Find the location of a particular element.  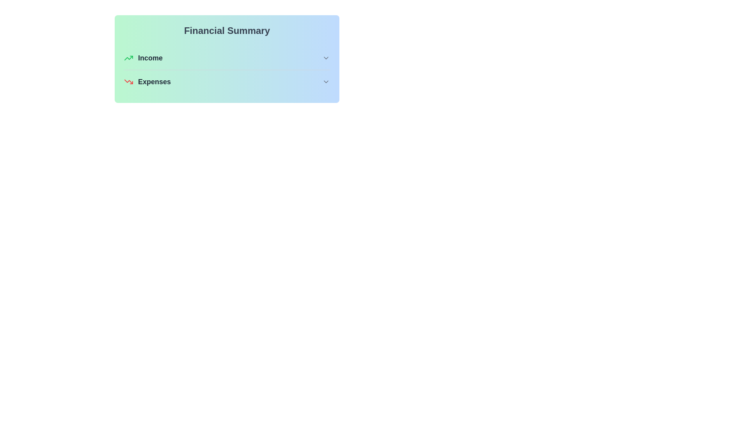

the 'Expenses' list item in the Financial Summary panel, which is the second item in a vertical list of financial categories is located at coordinates (147, 81).